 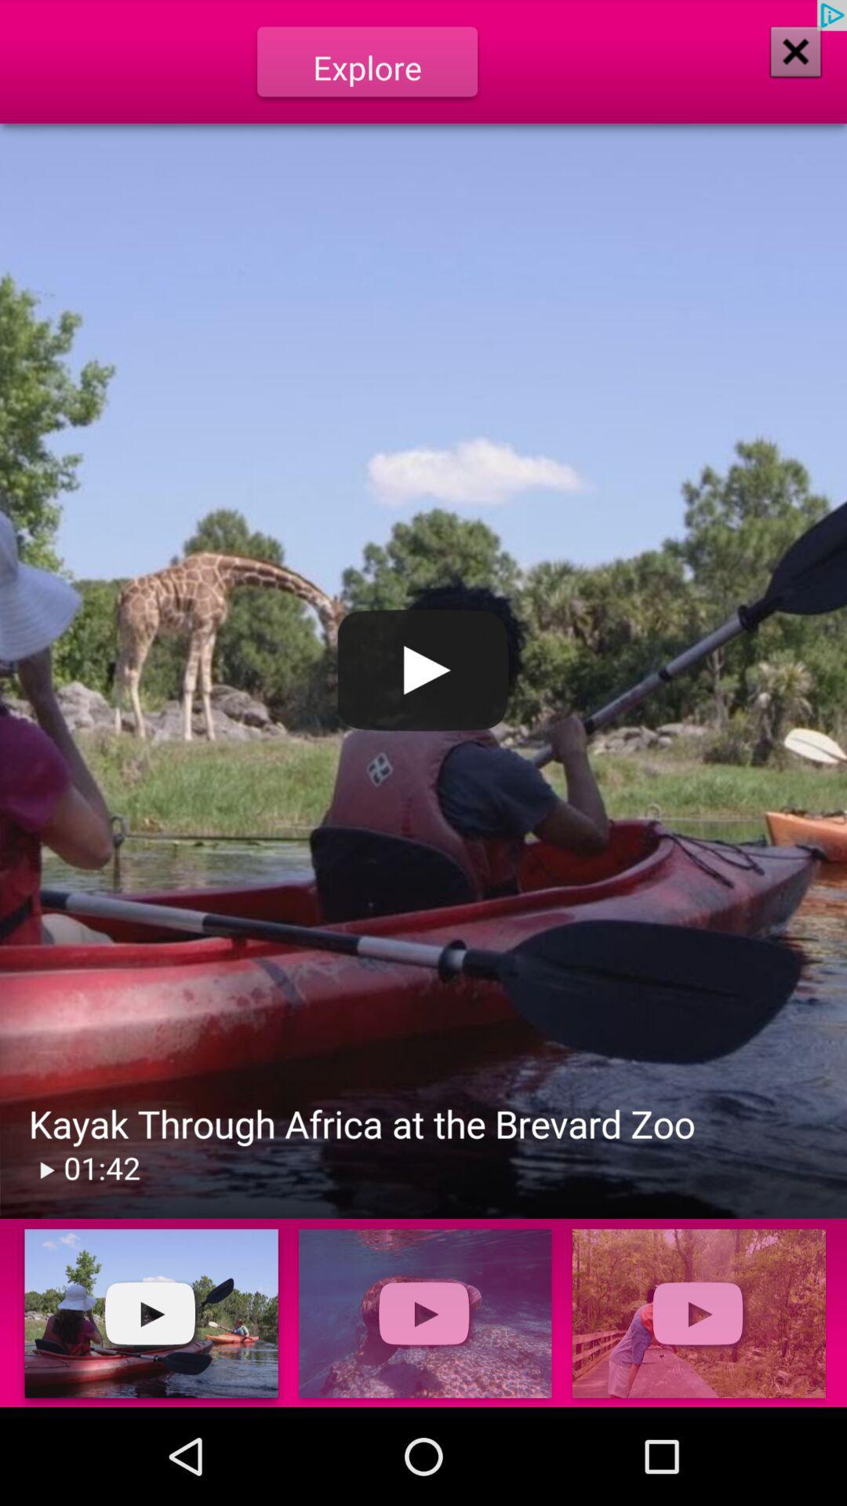 What do you see at coordinates (795, 55) in the screenshot?
I see `the close icon` at bounding box center [795, 55].